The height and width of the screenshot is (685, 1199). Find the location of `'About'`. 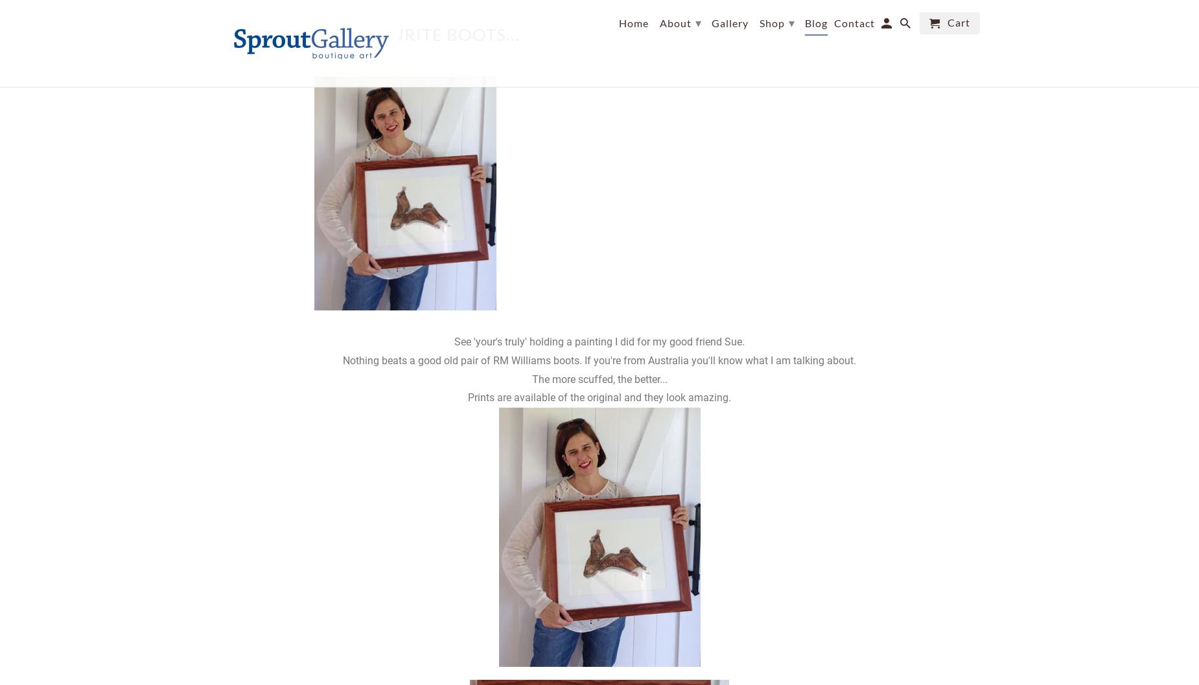

'About' is located at coordinates (675, 23).